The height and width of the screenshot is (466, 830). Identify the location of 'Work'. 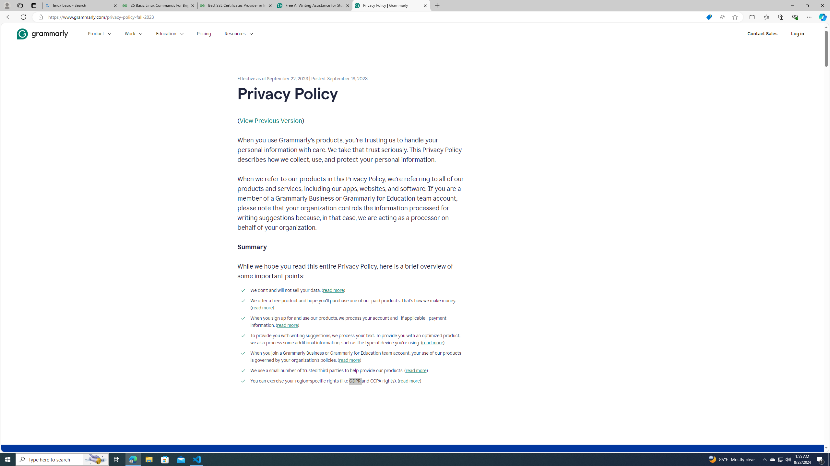
(133, 33).